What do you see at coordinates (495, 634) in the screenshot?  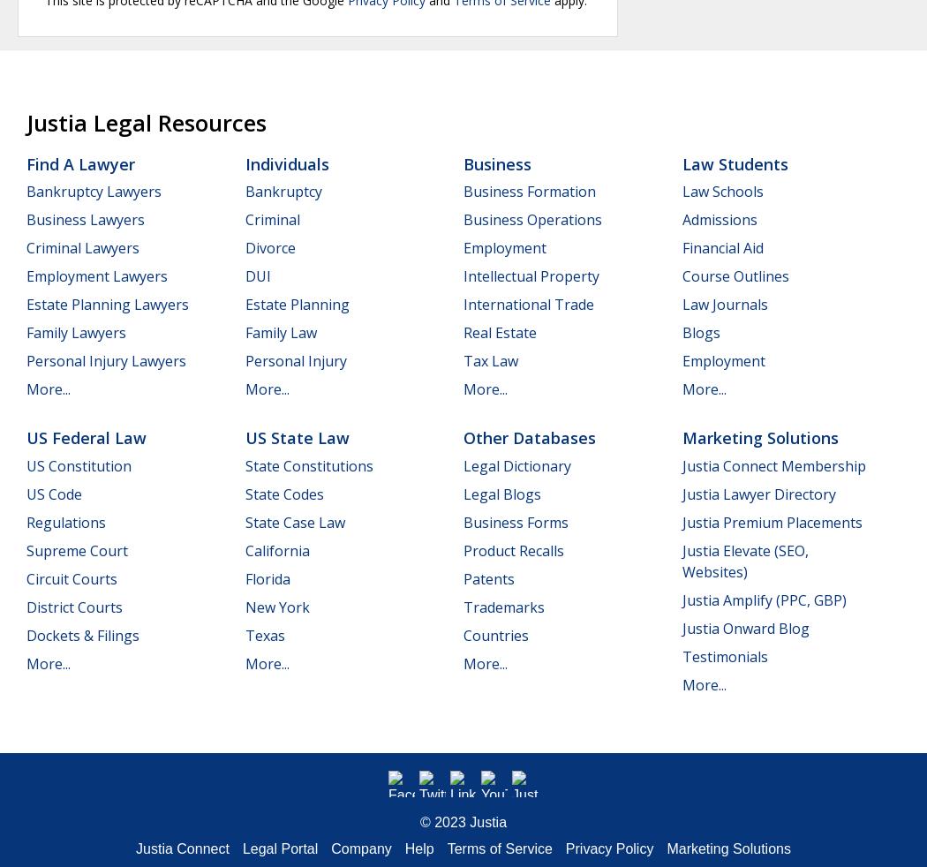 I see `'Countries'` at bounding box center [495, 634].